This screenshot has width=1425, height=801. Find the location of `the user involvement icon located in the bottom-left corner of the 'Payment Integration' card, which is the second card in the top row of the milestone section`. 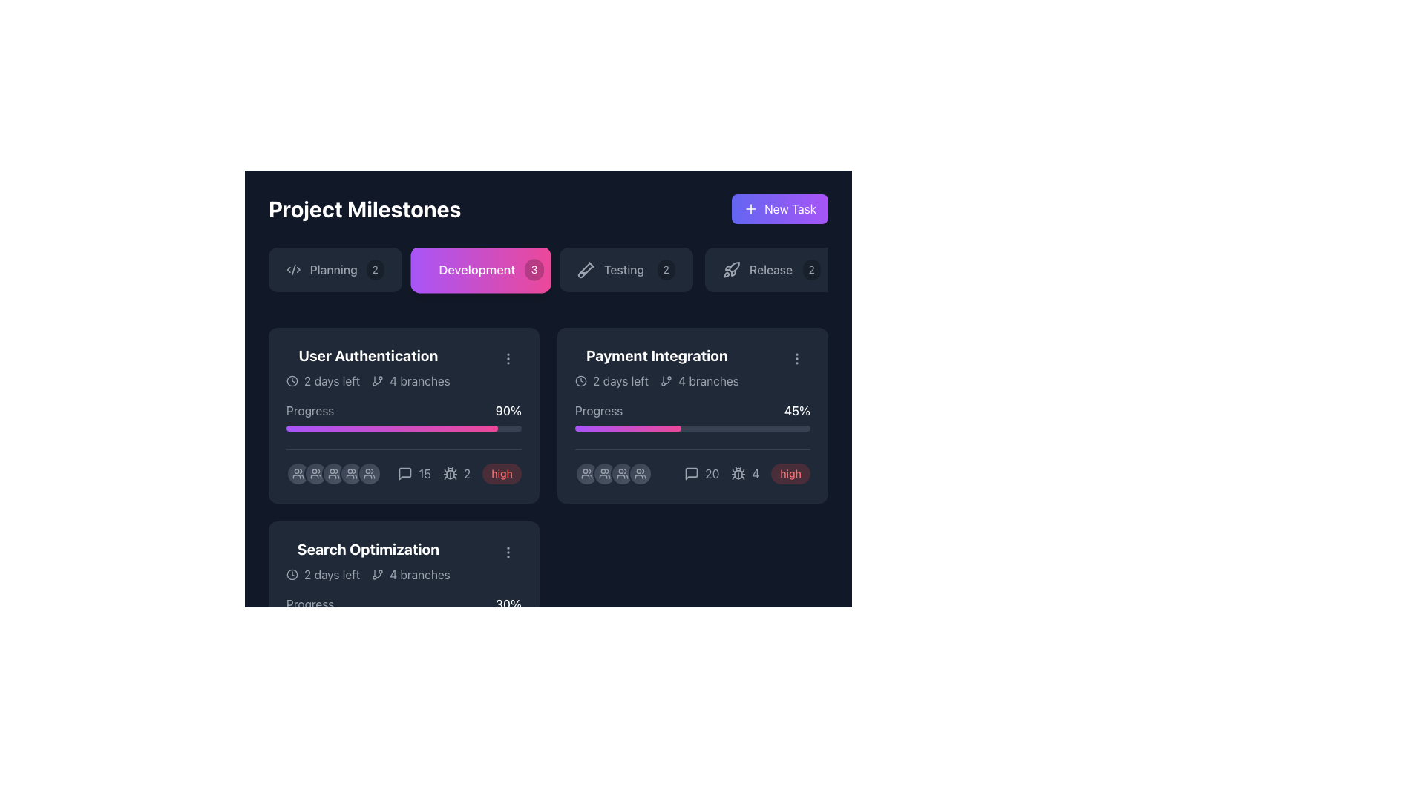

the user involvement icon located in the bottom-left corner of the 'Payment Integration' card, which is the second card in the top row of the milestone section is located at coordinates (605, 474).